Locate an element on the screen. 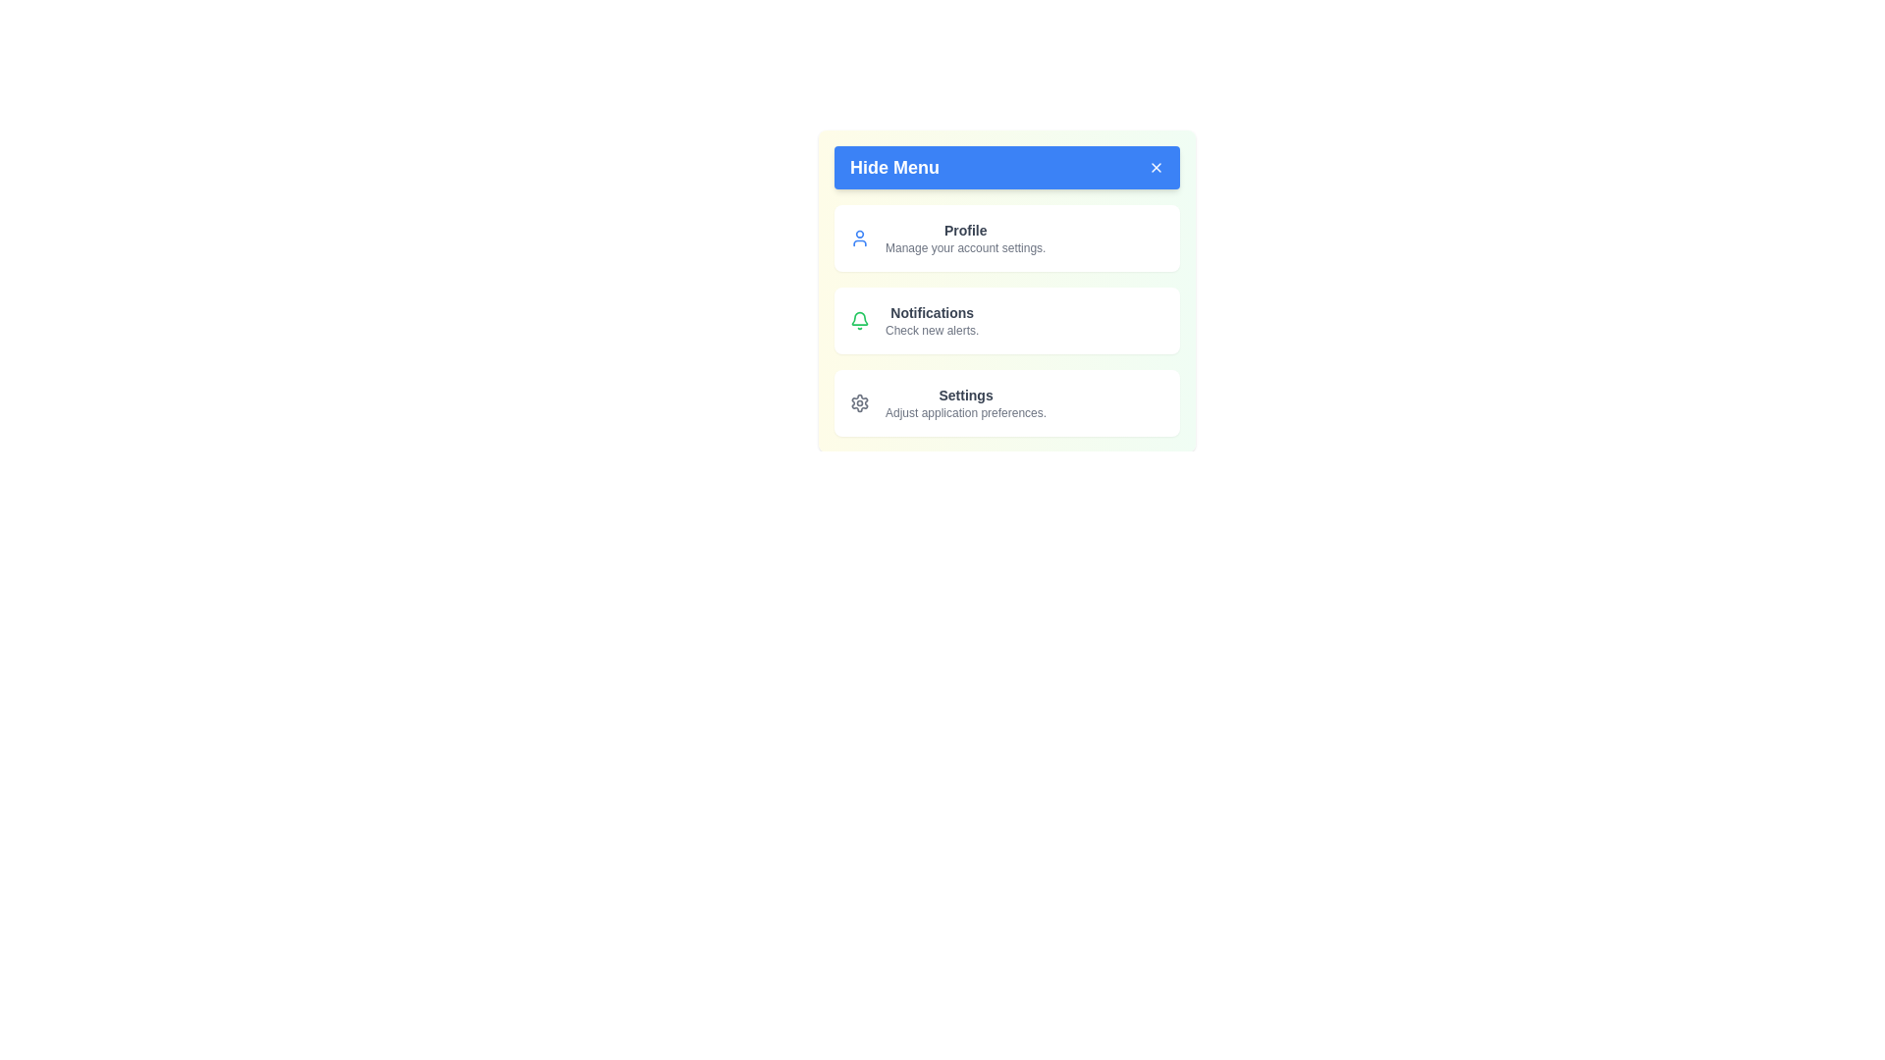  the menu item Settings from the menu is located at coordinates (1007, 402).